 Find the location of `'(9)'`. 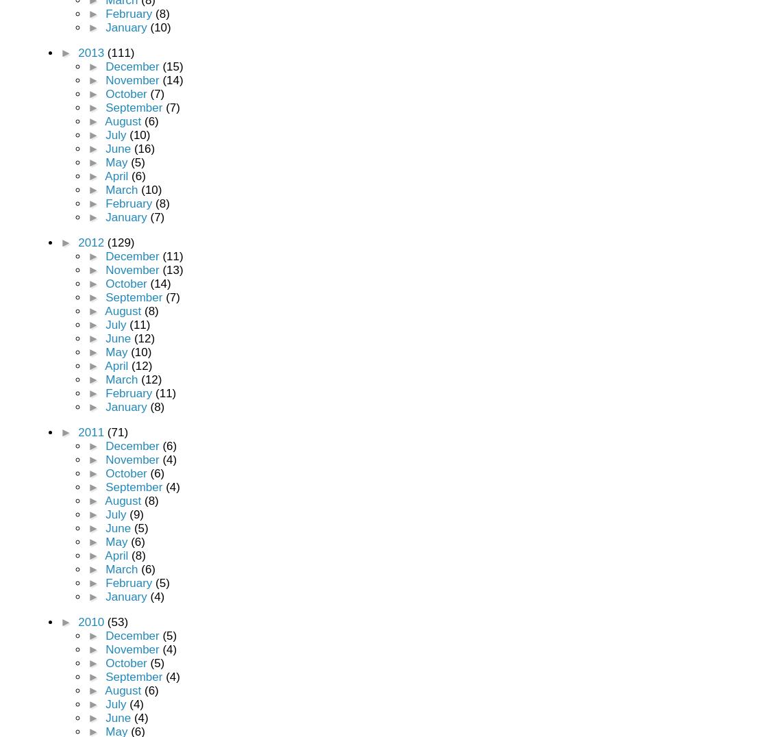

'(9)' is located at coordinates (136, 514).